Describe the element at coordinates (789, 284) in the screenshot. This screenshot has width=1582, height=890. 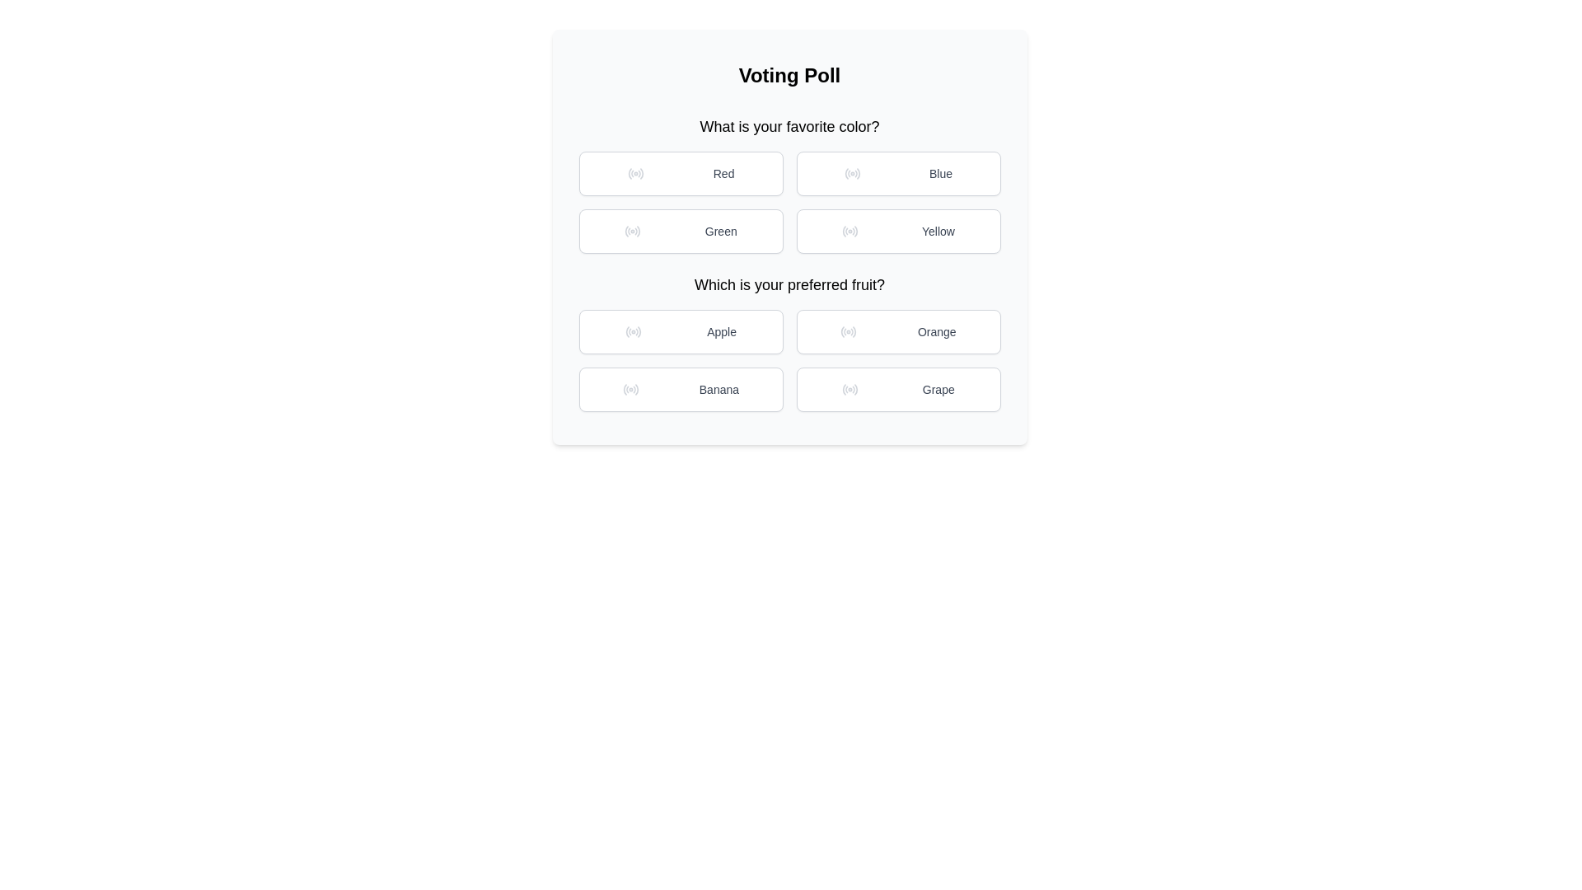
I see `text label that states 'Which is your preferred fruit?' positioned in the upper-middle section of the poll interface` at that location.